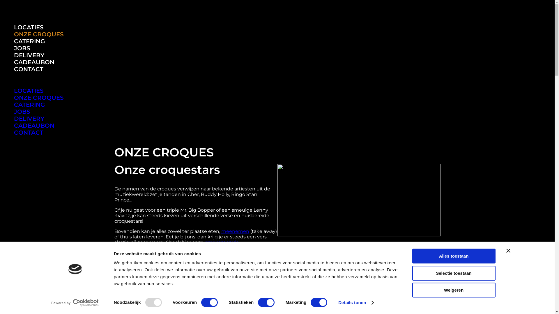 The width and height of the screenshot is (559, 314). What do you see at coordinates (338, 302) in the screenshot?
I see `'Details tonen'` at bounding box center [338, 302].